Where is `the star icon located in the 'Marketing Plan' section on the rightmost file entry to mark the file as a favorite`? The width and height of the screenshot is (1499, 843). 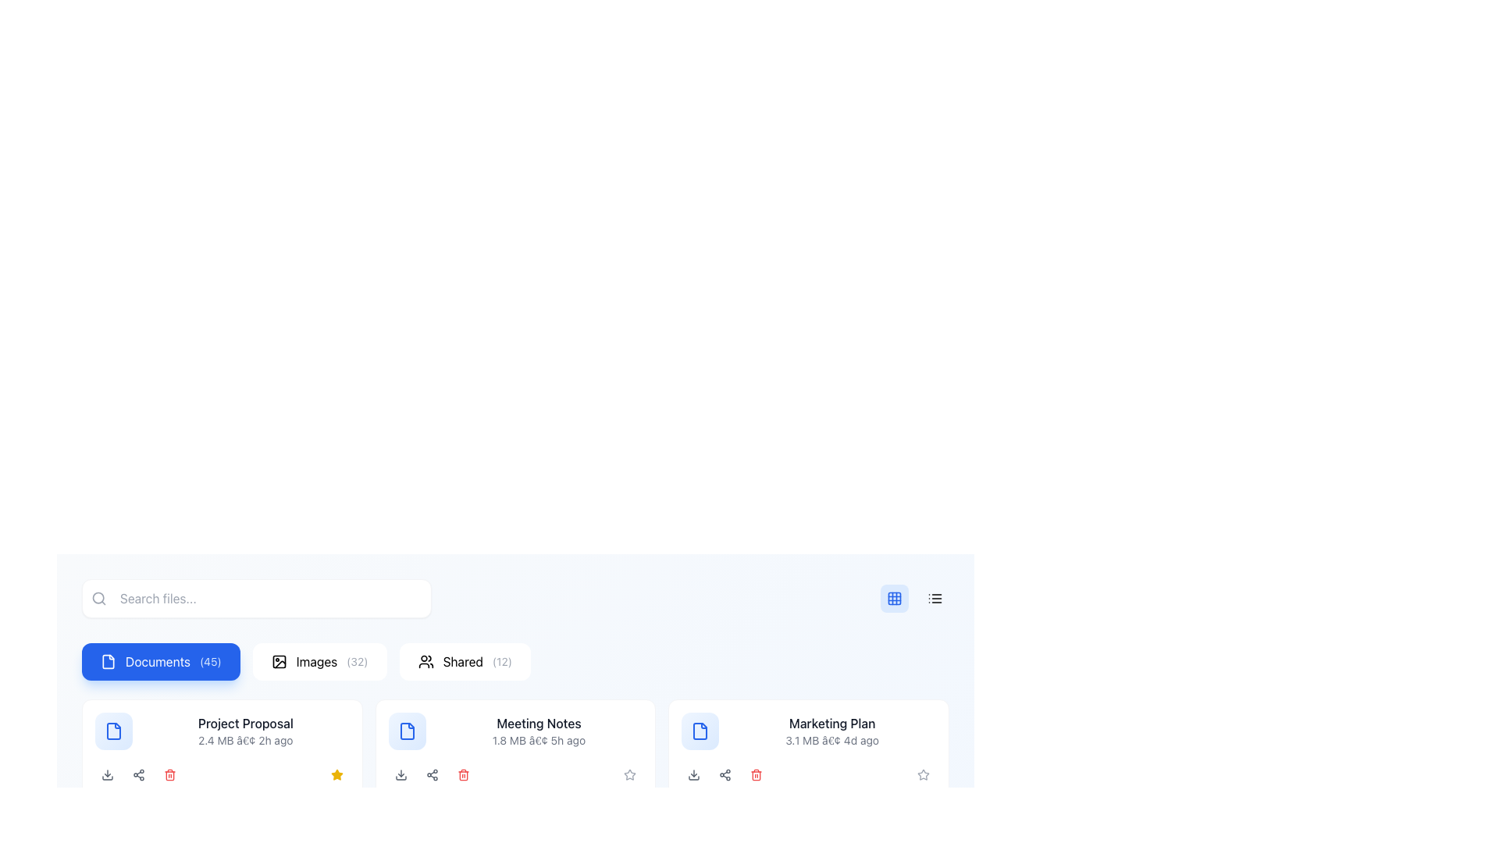
the star icon located in the 'Marketing Plan' section on the rightmost file entry to mark the file as a favorite is located at coordinates (630, 774).